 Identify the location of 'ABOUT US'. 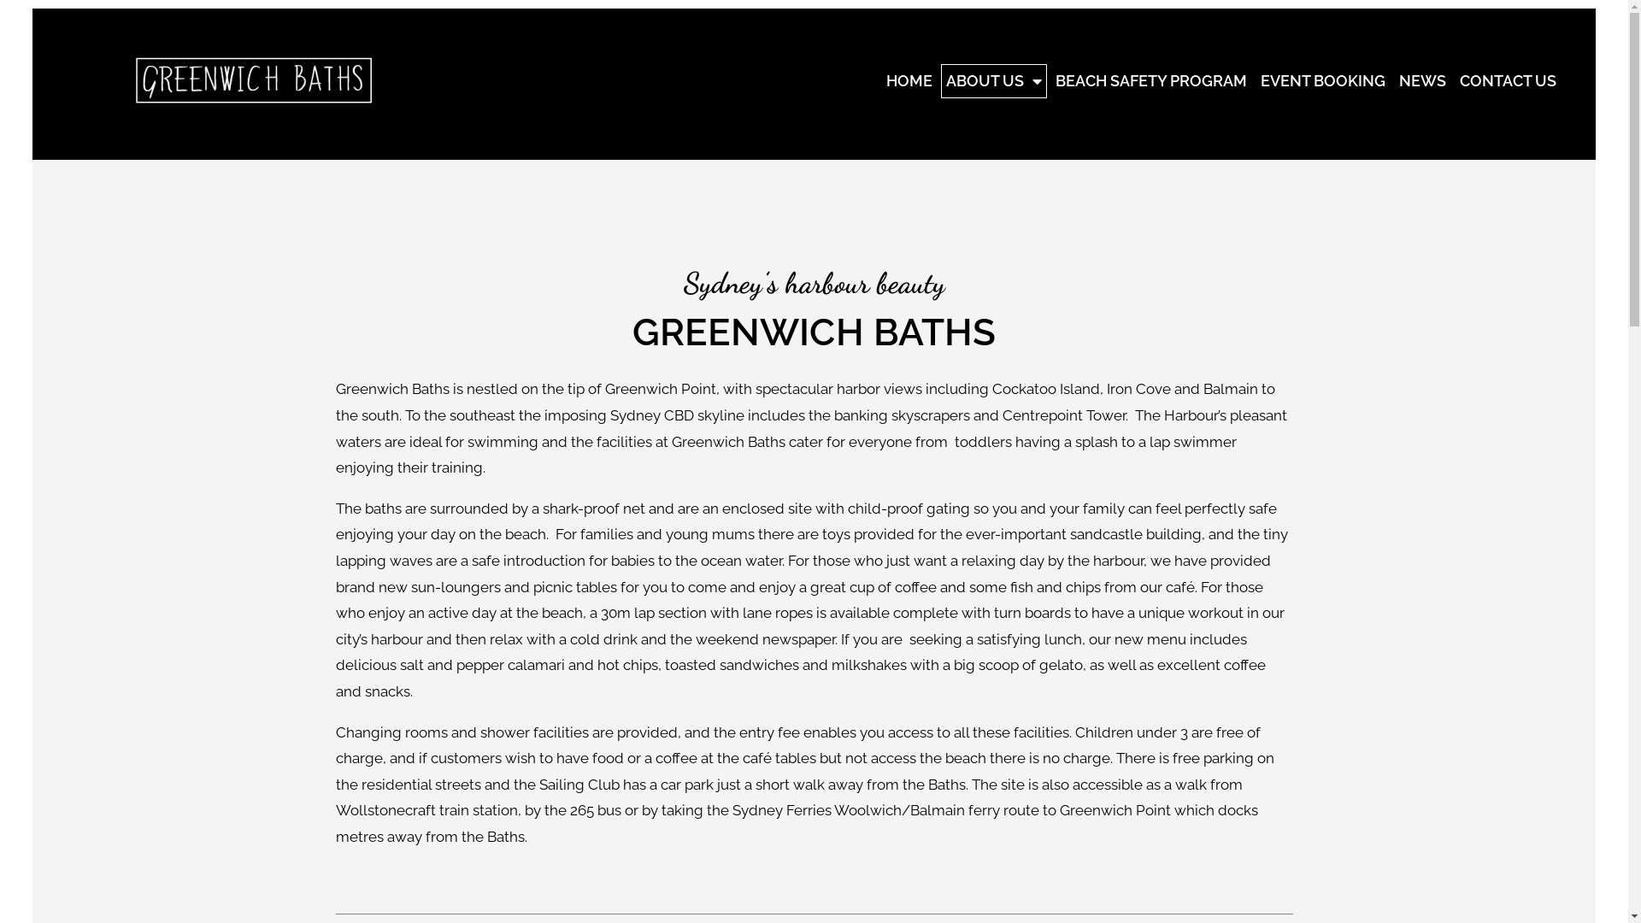
(993, 81).